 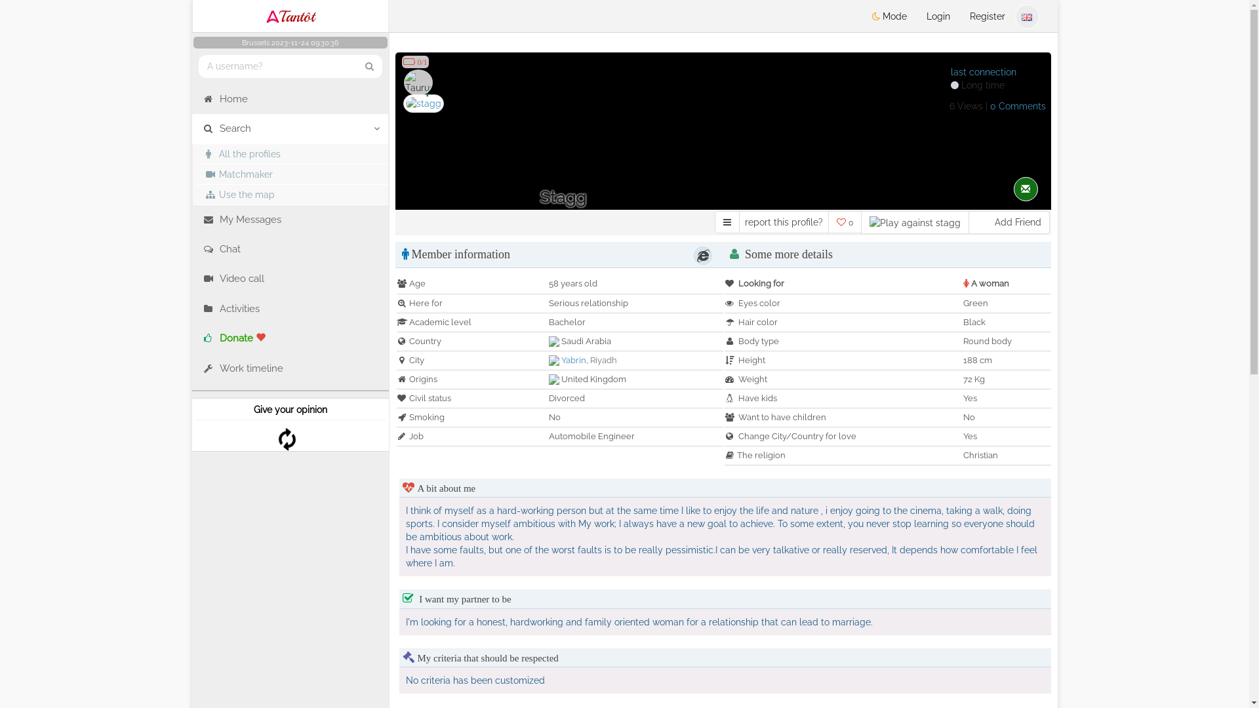 I want to click on 'Chat', so click(x=289, y=249).